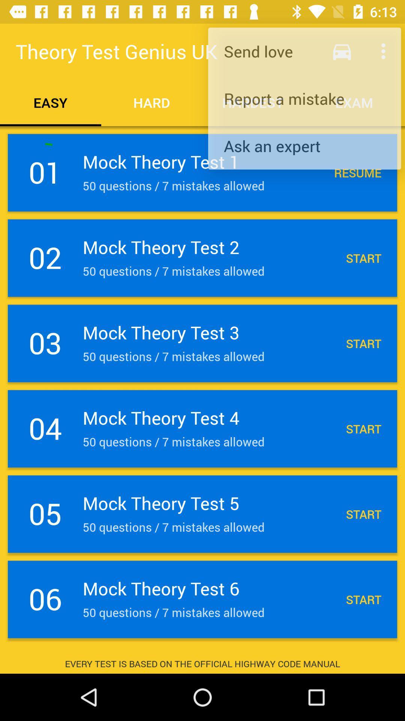  What do you see at coordinates (202, 343) in the screenshot?
I see `option mock theory test 3` at bounding box center [202, 343].